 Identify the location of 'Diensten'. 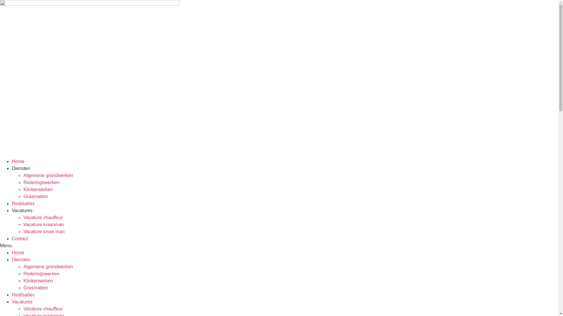
(21, 168).